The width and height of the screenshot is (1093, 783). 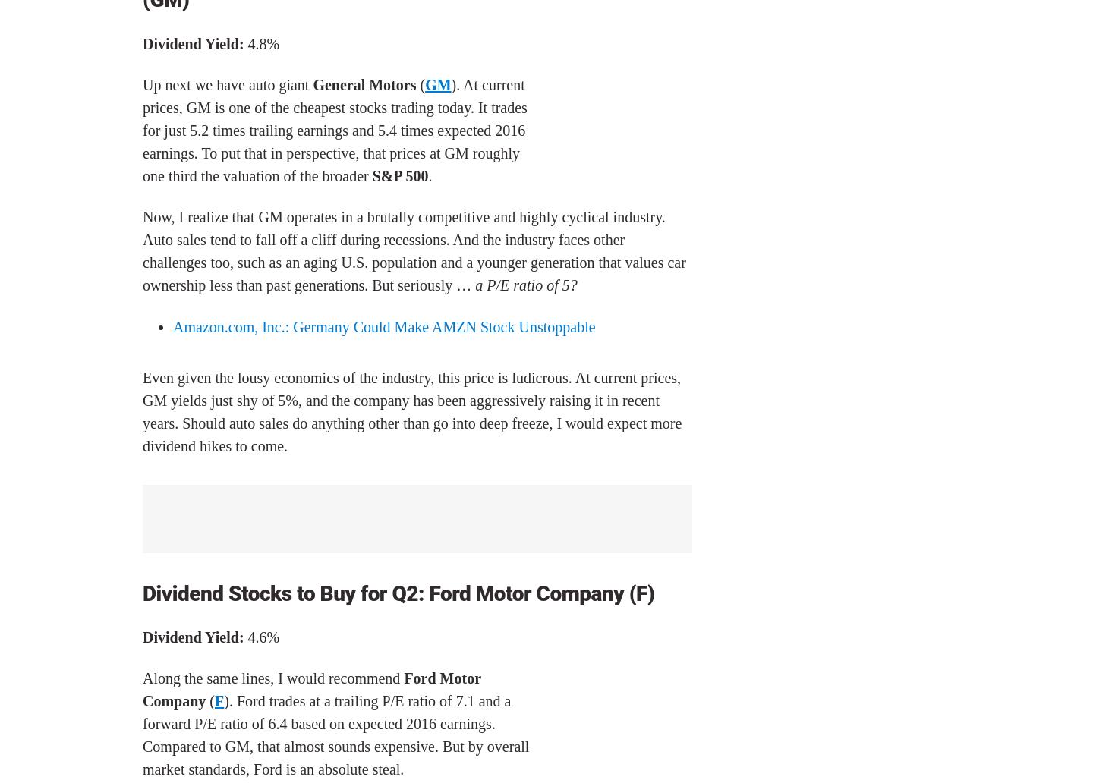 I want to click on 'Ford Motor Company', so click(x=310, y=688).